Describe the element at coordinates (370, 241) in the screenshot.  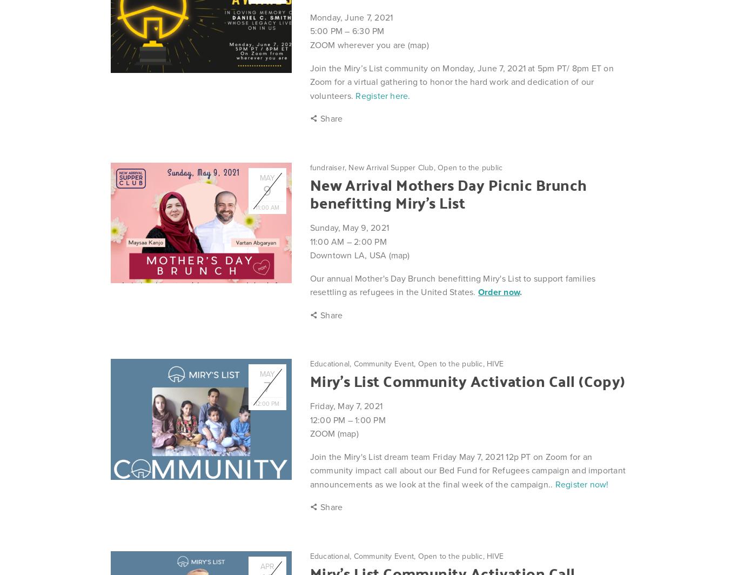
I see `'2:00 PM'` at that location.